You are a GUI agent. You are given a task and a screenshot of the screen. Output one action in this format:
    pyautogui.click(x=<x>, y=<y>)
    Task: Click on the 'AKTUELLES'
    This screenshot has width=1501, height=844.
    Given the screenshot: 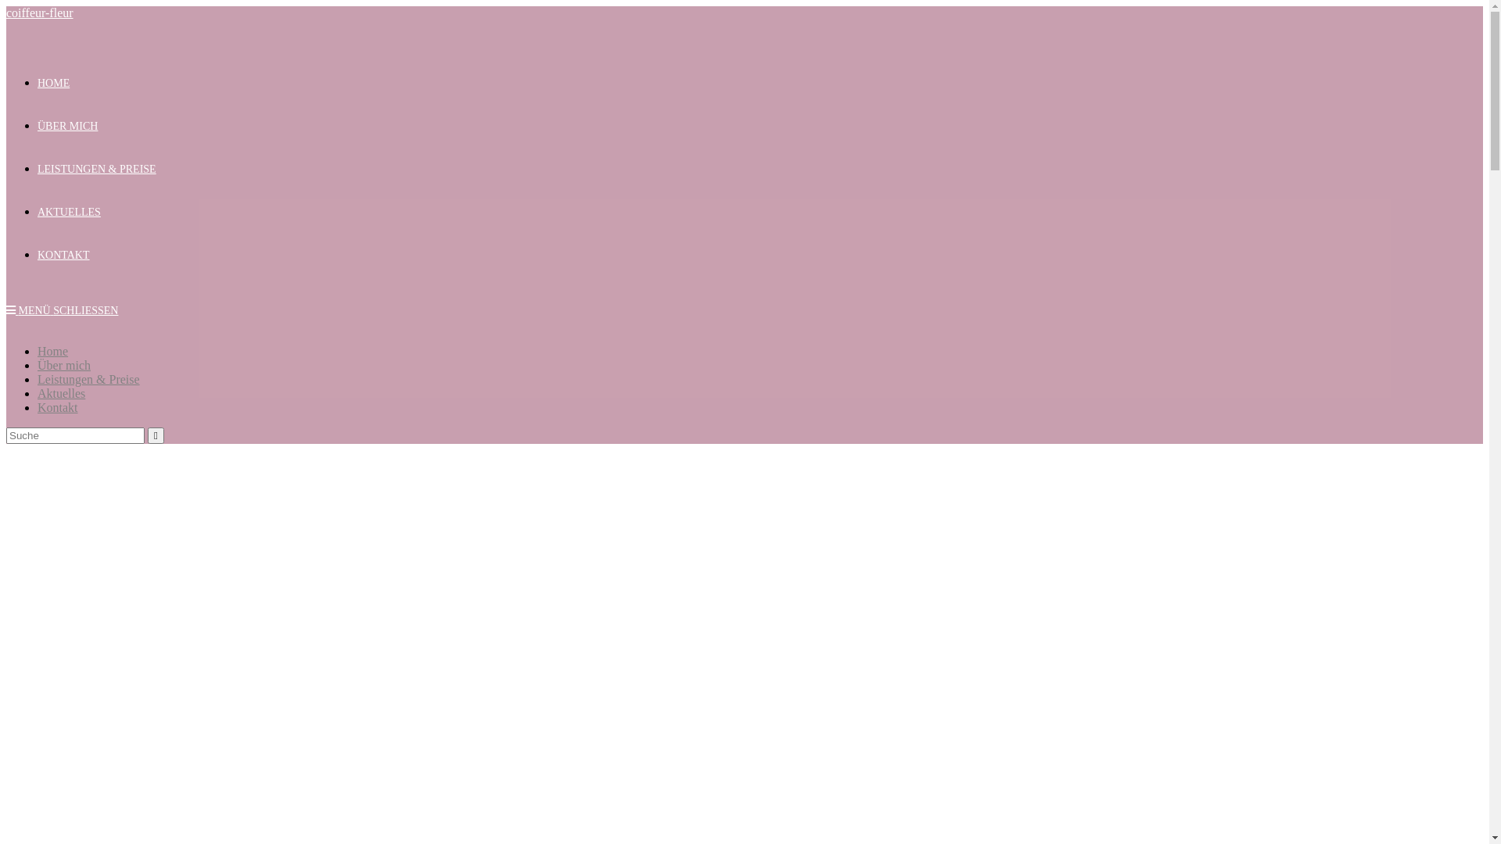 What is the action you would take?
    pyautogui.click(x=68, y=212)
    